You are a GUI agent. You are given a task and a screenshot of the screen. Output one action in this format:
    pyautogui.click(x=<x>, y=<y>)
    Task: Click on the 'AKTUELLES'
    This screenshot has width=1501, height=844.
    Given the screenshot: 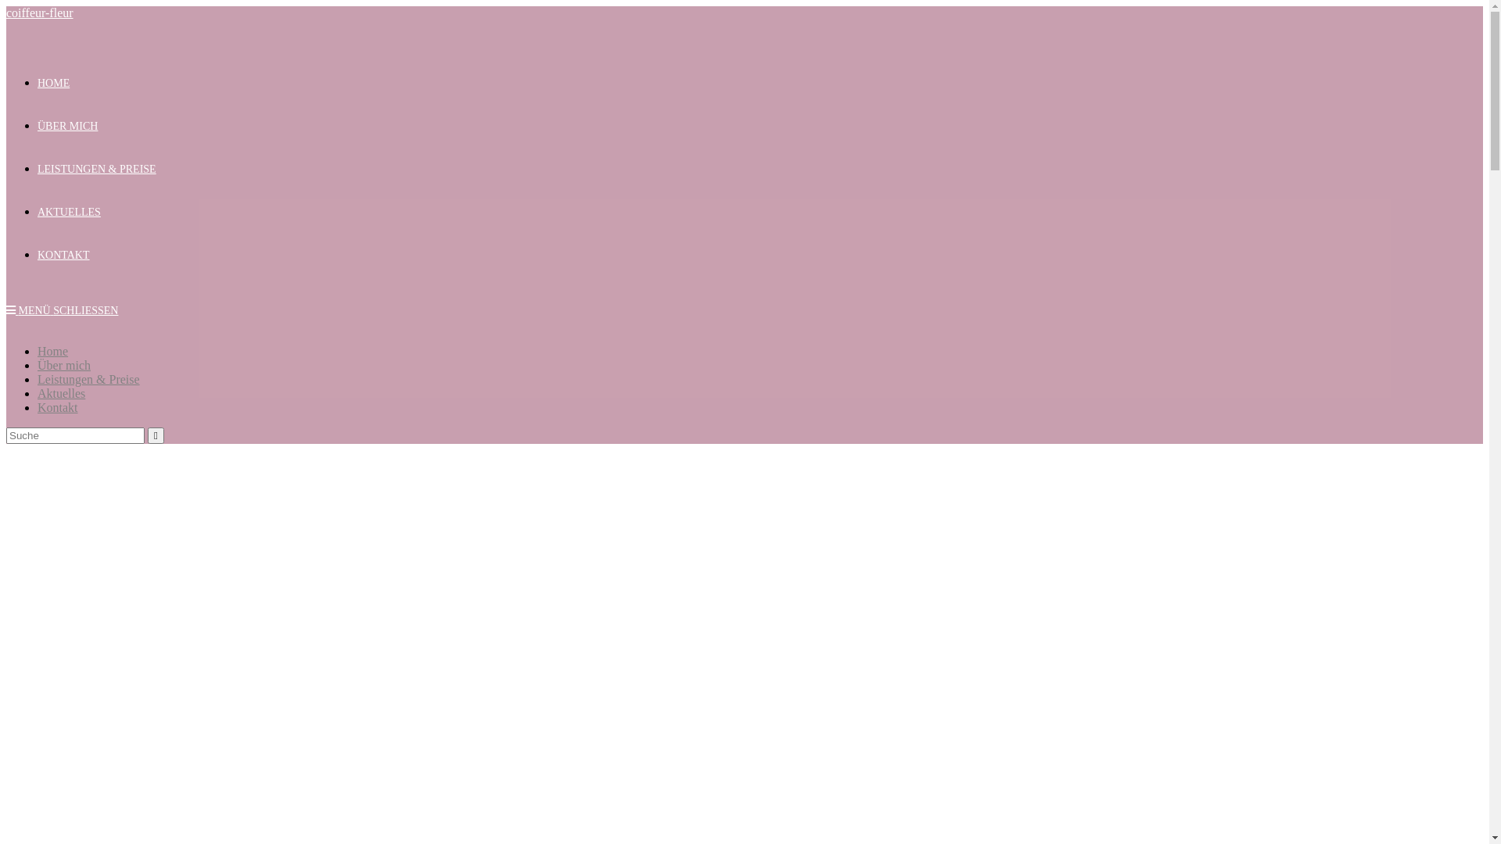 What is the action you would take?
    pyautogui.click(x=68, y=212)
    